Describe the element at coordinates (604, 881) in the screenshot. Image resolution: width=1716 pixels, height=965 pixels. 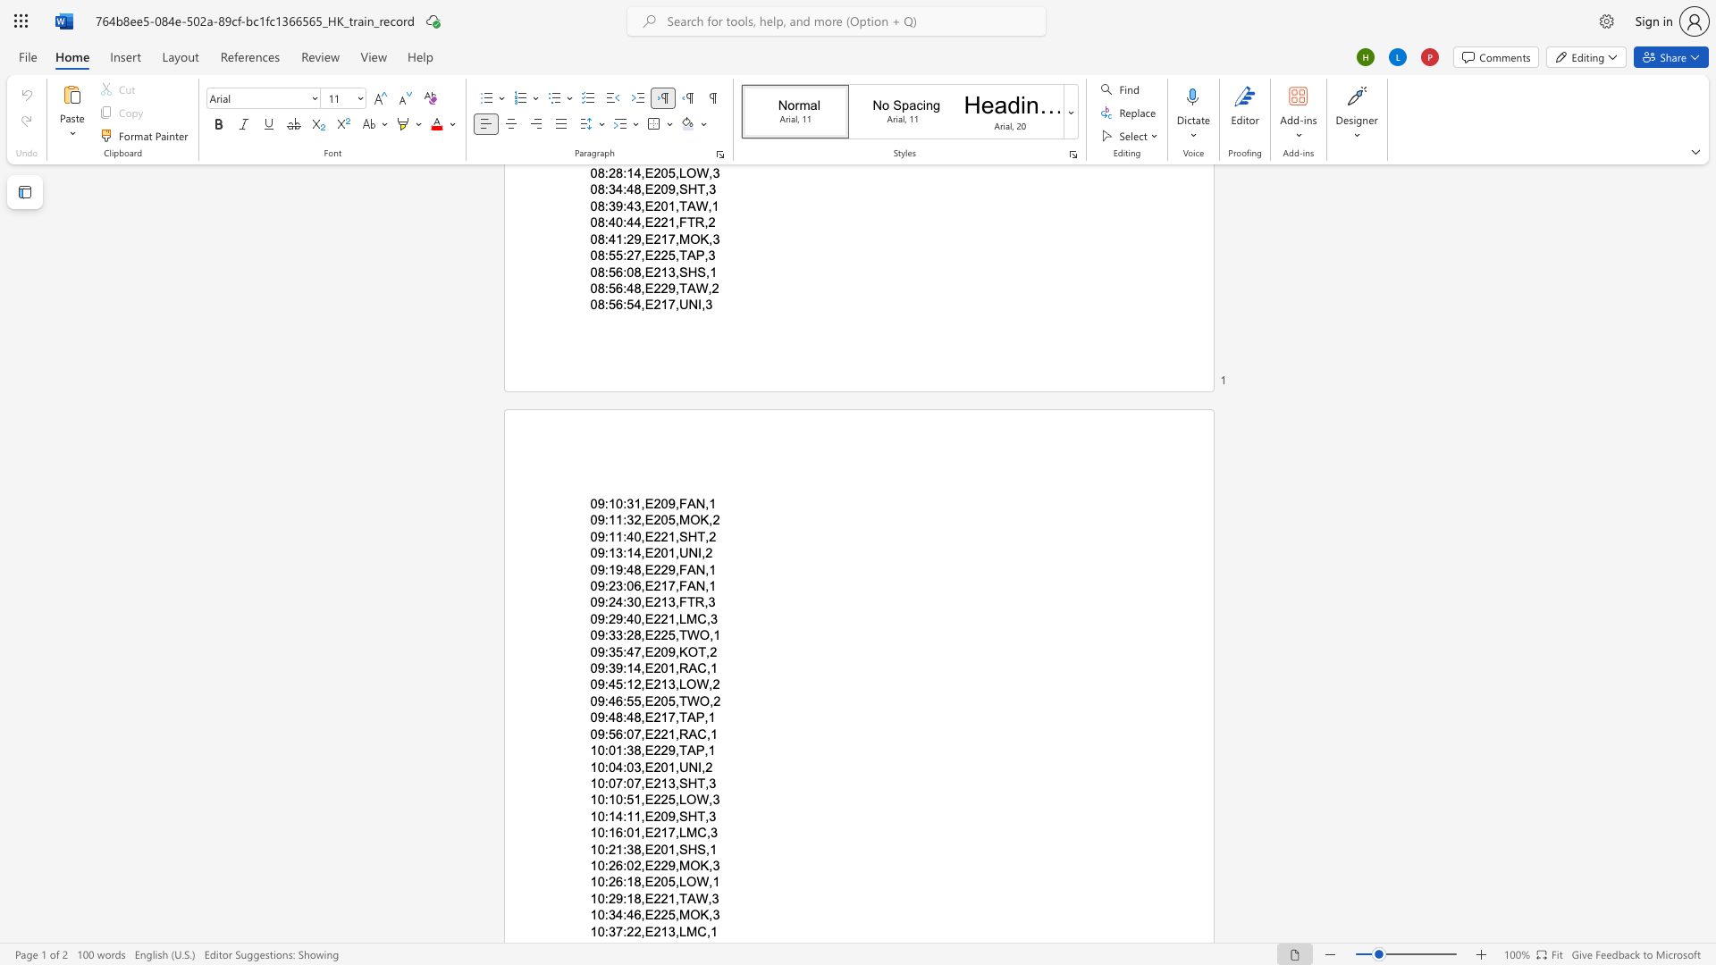
I see `the subset text ":26:18,E2" within the text "10:26:18,E205,LOW,1"` at that location.